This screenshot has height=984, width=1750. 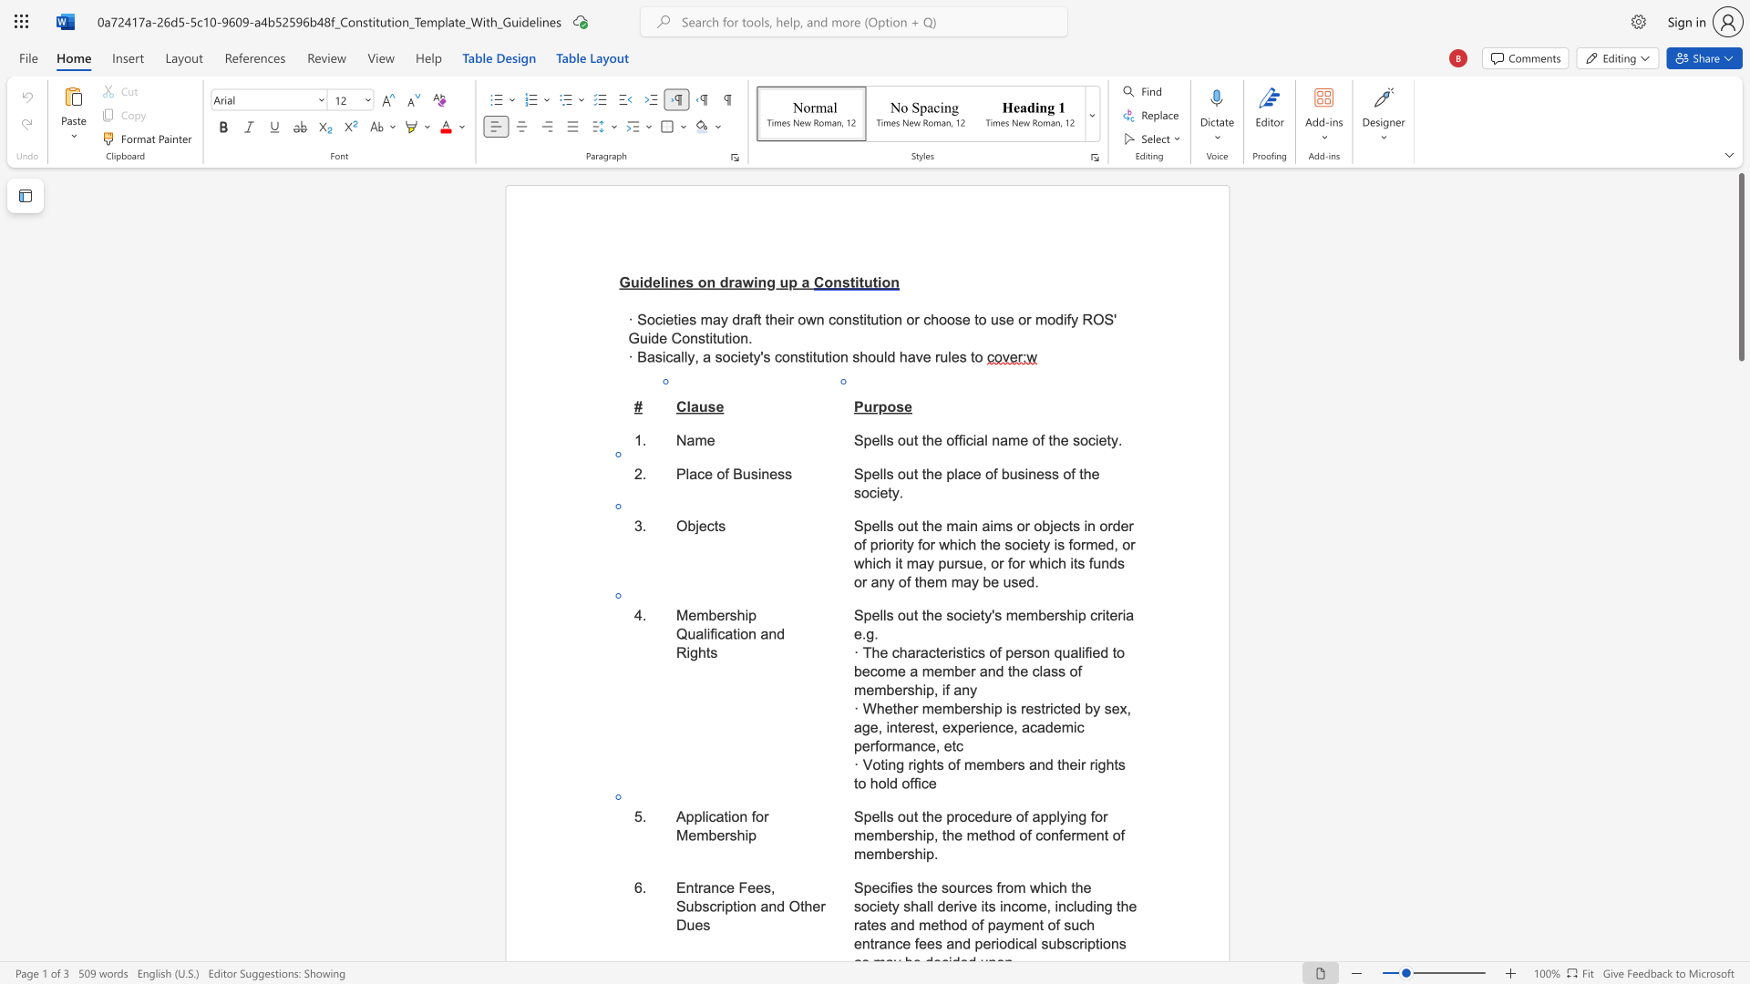 I want to click on the 1th character "a" in the text, so click(x=1128, y=615).